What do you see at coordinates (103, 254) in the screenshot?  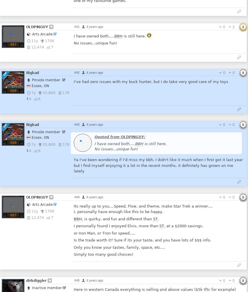 I see `'Simply too many good choices!'` at bounding box center [103, 254].